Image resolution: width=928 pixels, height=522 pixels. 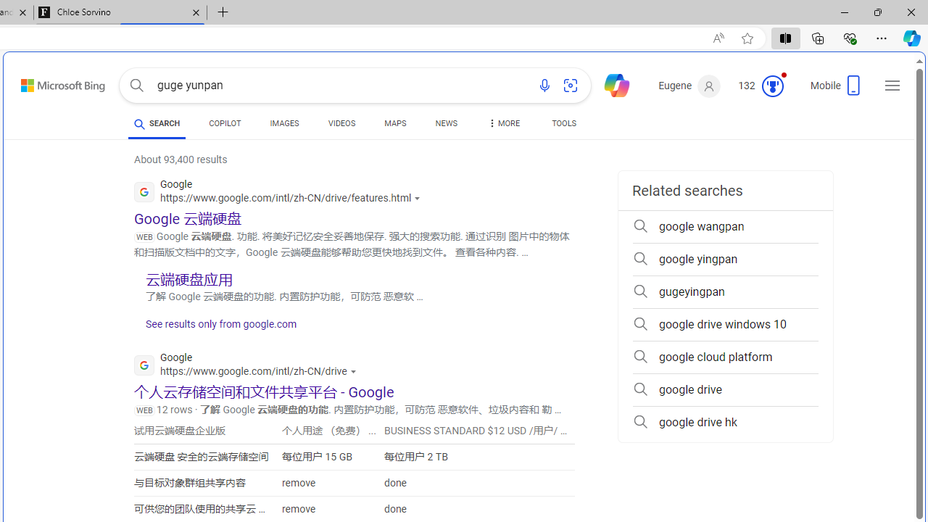 What do you see at coordinates (157, 123) in the screenshot?
I see `'SEARCH'` at bounding box center [157, 123].